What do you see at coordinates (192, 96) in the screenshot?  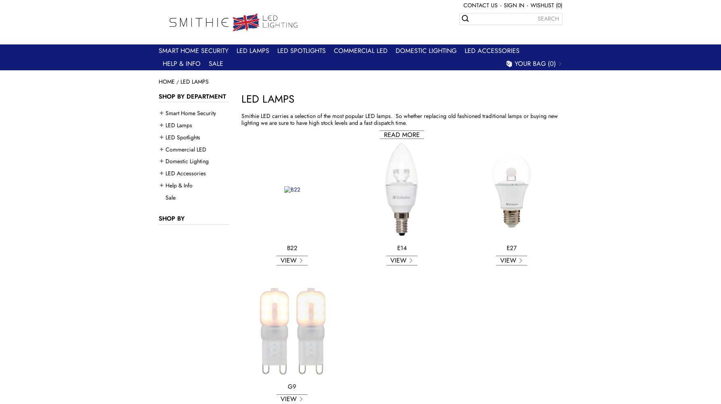 I see `'Shop by department'` at bounding box center [192, 96].